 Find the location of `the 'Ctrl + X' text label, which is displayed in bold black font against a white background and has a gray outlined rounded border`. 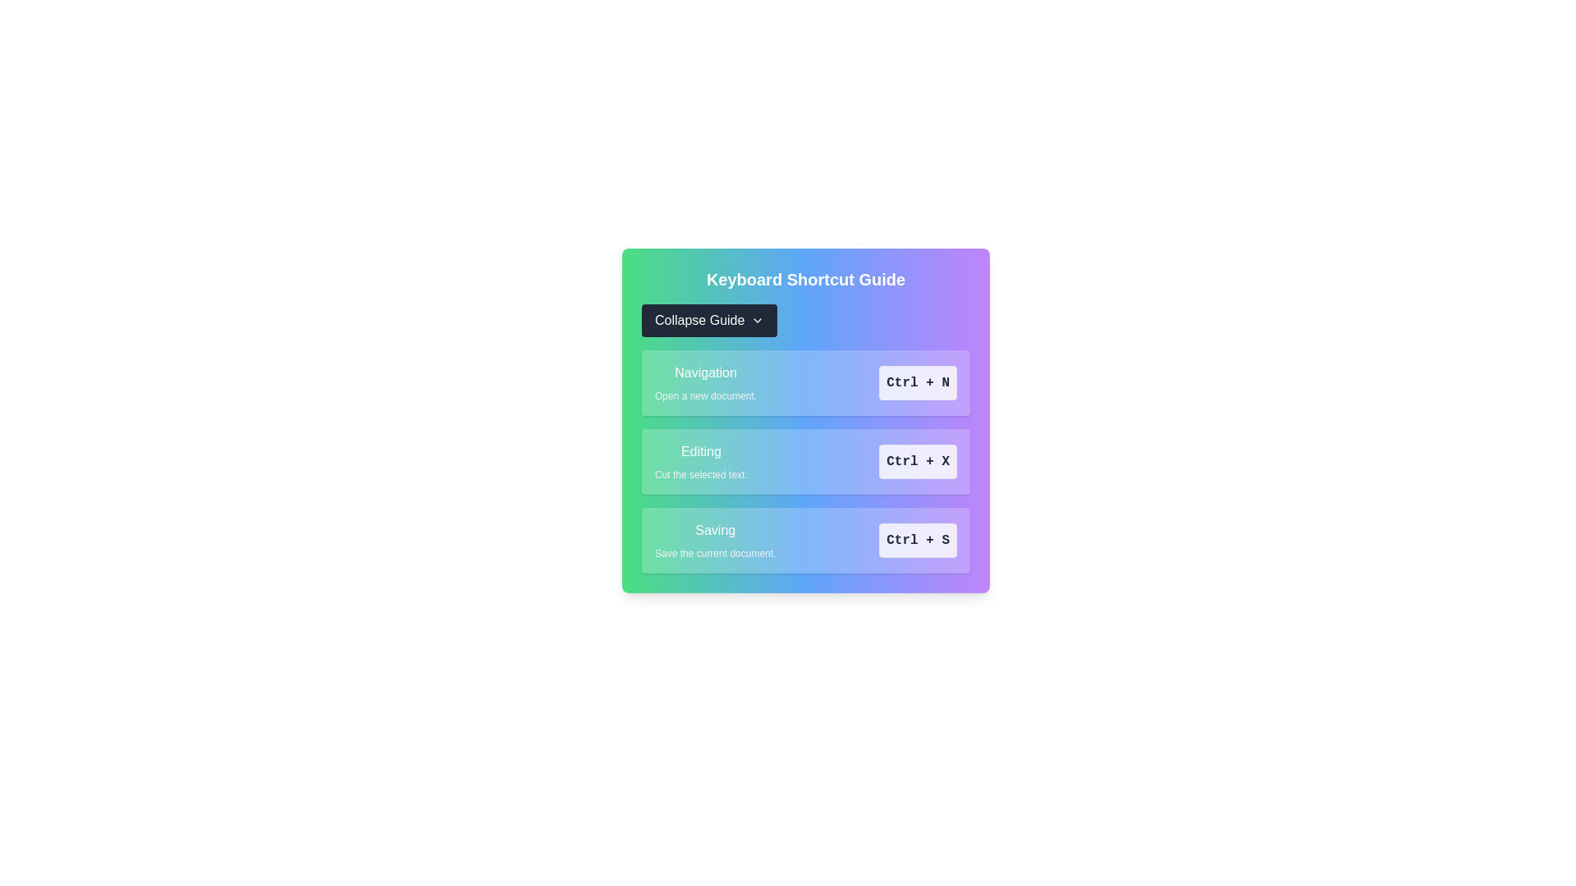

the 'Ctrl + X' text label, which is displayed in bold black font against a white background and has a gray outlined rounded border is located at coordinates (917, 462).